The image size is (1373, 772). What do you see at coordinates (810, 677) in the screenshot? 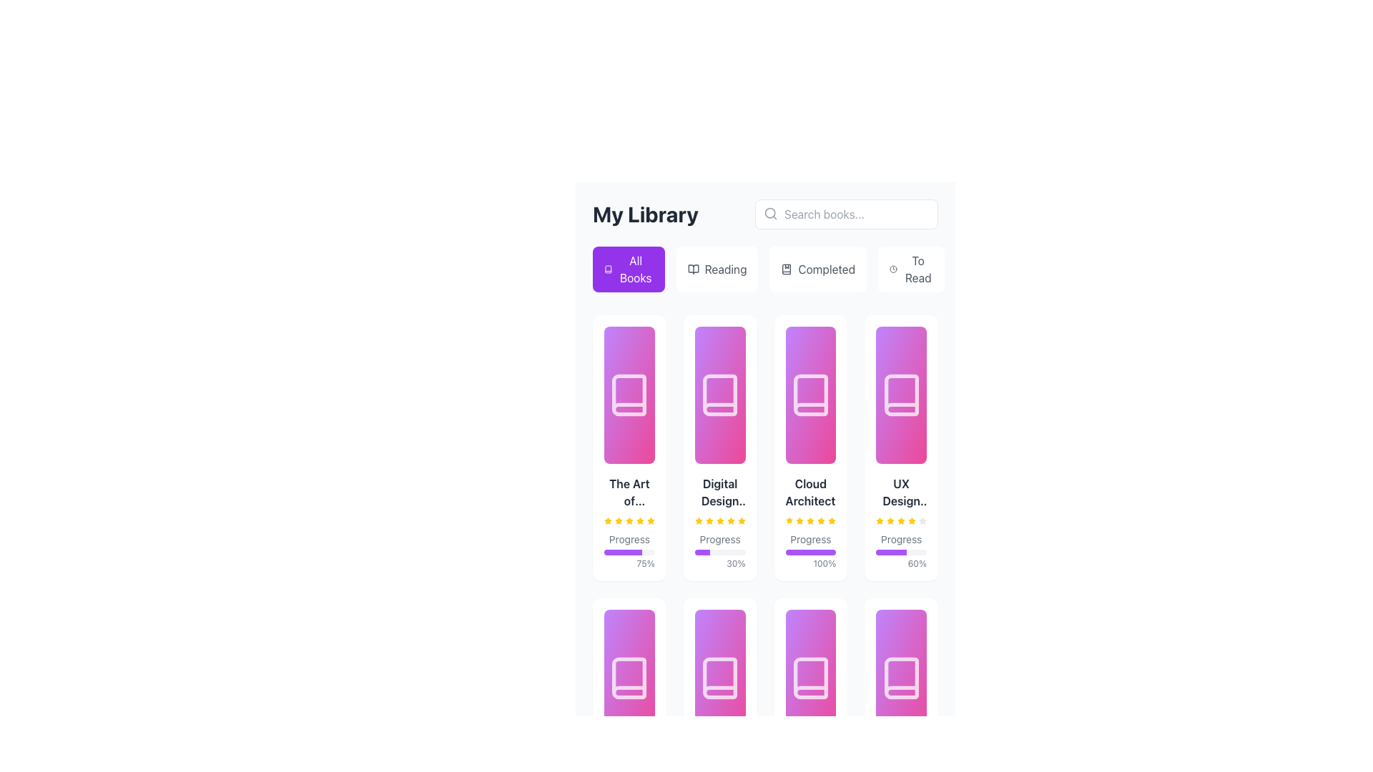
I see `the book representation element with a gradient background and a white book icon for rearrangement in the digital library interface` at bounding box center [810, 677].